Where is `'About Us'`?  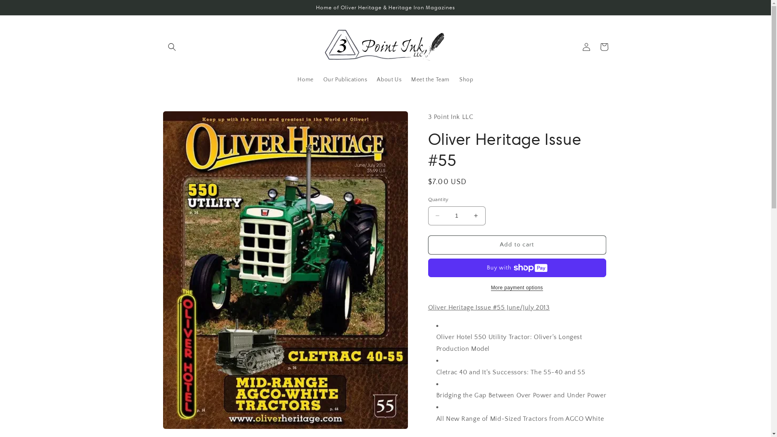 'About Us' is located at coordinates (371, 79).